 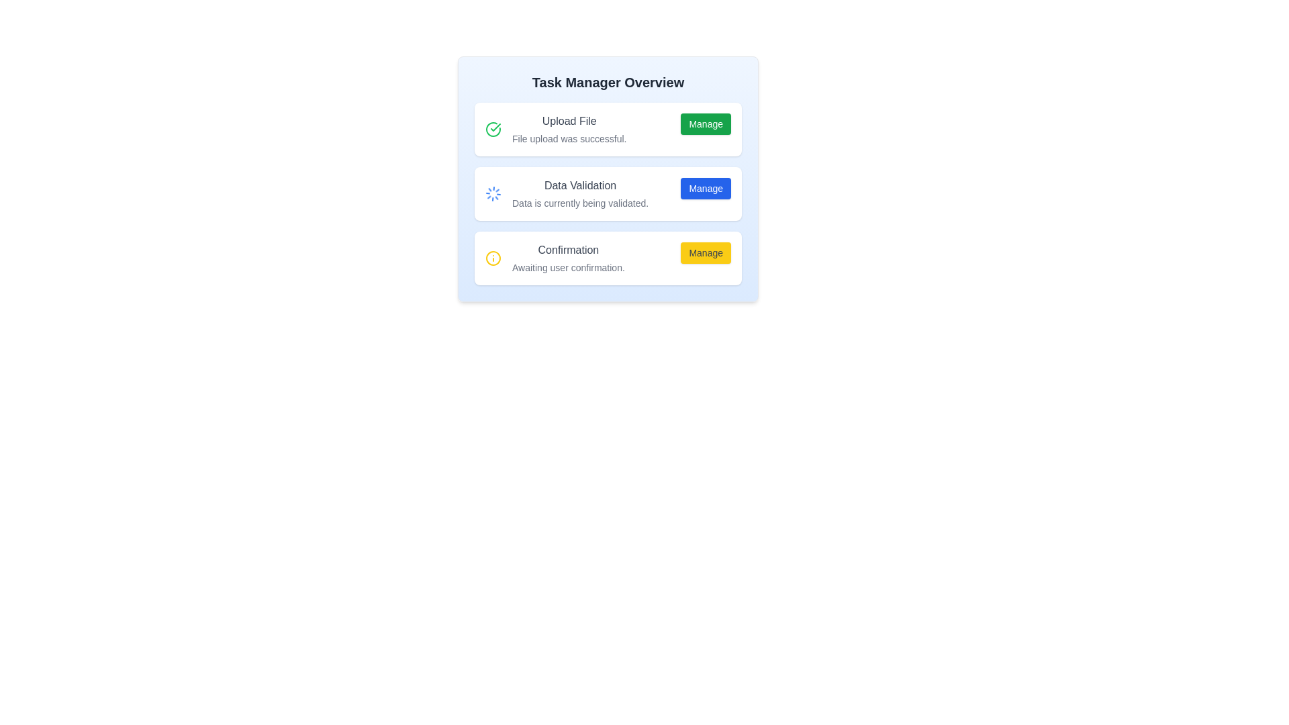 I want to click on the 'Manage' button, which has a green background, white text, and is located at the right end of the first row in the task management interface, so click(x=705, y=124).